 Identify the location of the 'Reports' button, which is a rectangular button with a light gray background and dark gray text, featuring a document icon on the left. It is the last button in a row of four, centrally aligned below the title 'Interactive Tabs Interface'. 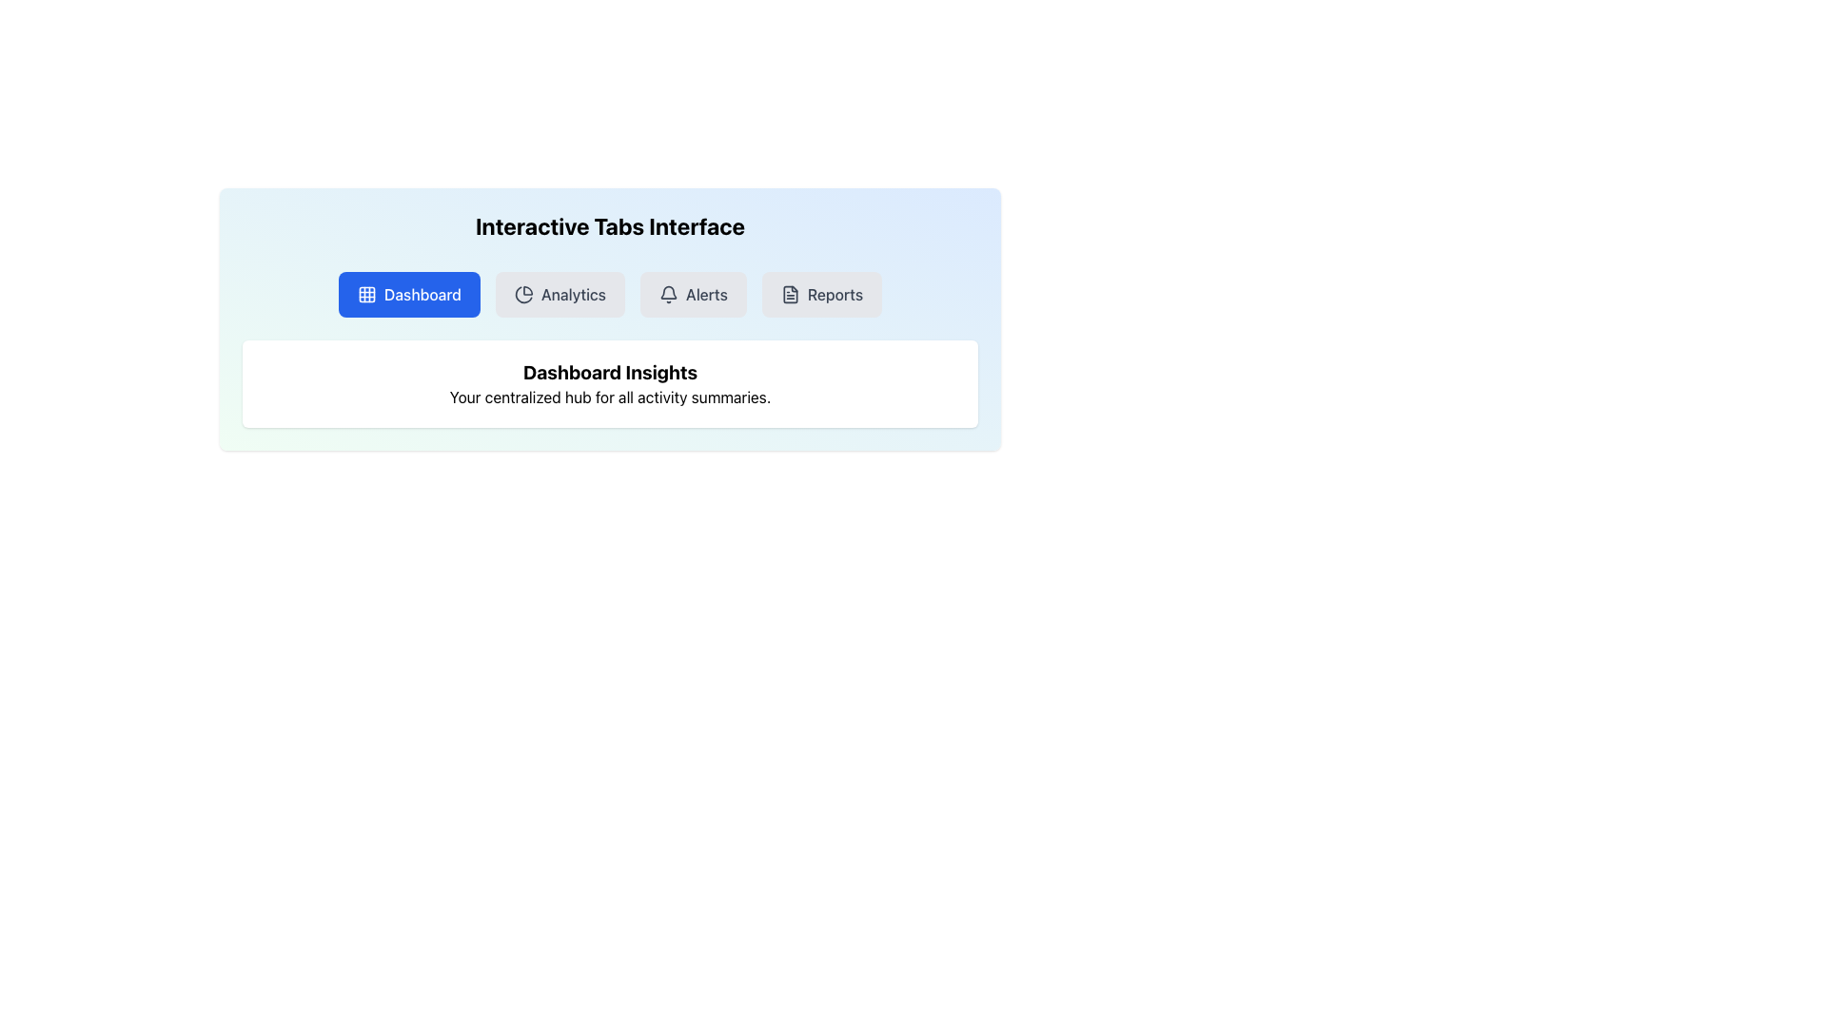
(822, 294).